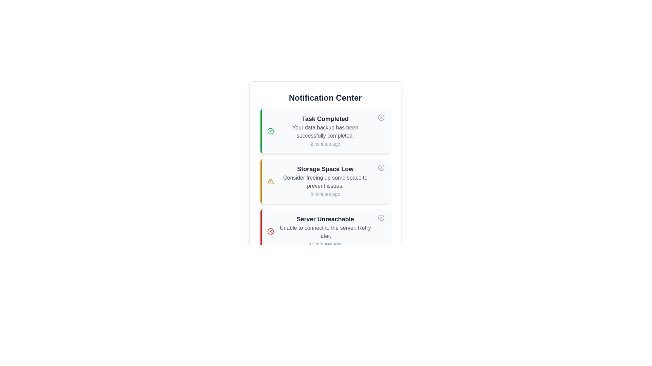  What do you see at coordinates (325, 244) in the screenshot?
I see `the timestamp label located at the bottom right corner of the third notification card in the 'Notification Center' section, which displays the 'Server Unreachable' message` at bounding box center [325, 244].